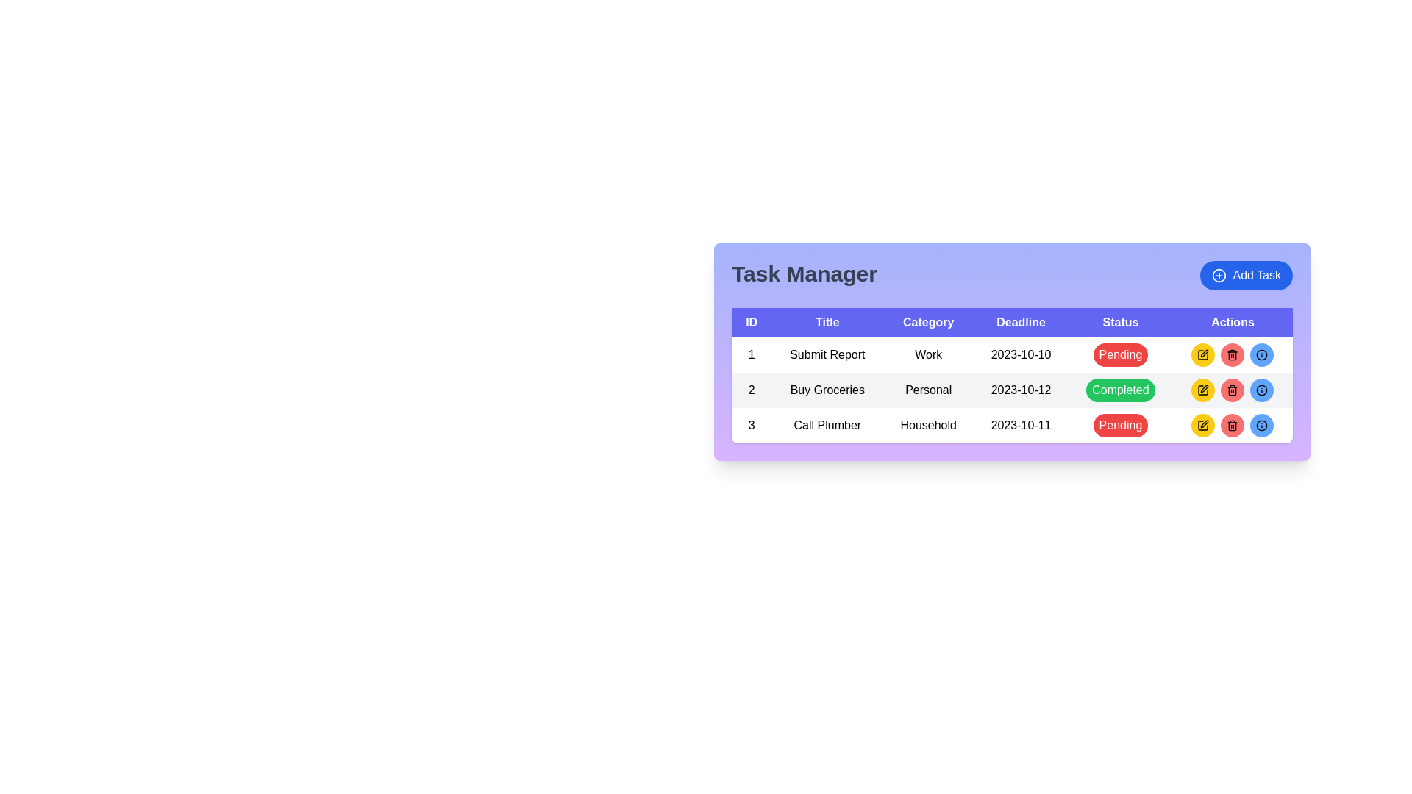 The width and height of the screenshot is (1412, 794). I want to click on the rounded red button labeled 'Pending' located in the 'Status' column of the third row in the 'Task Manager' table, so click(1119, 425).